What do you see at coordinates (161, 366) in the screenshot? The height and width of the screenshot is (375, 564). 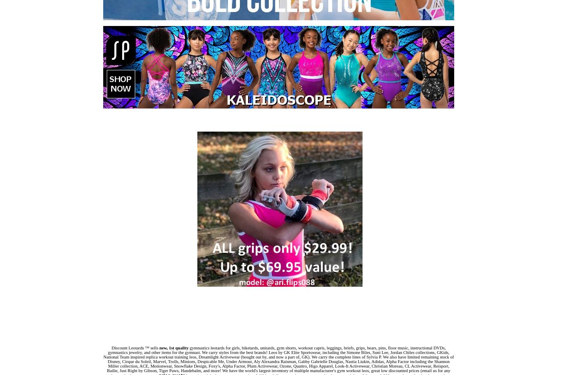 I see `'Motionwear,'` at bounding box center [161, 366].